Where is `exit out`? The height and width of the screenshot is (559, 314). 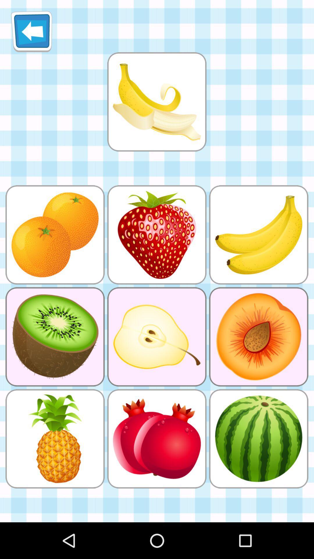 exit out is located at coordinates (31, 31).